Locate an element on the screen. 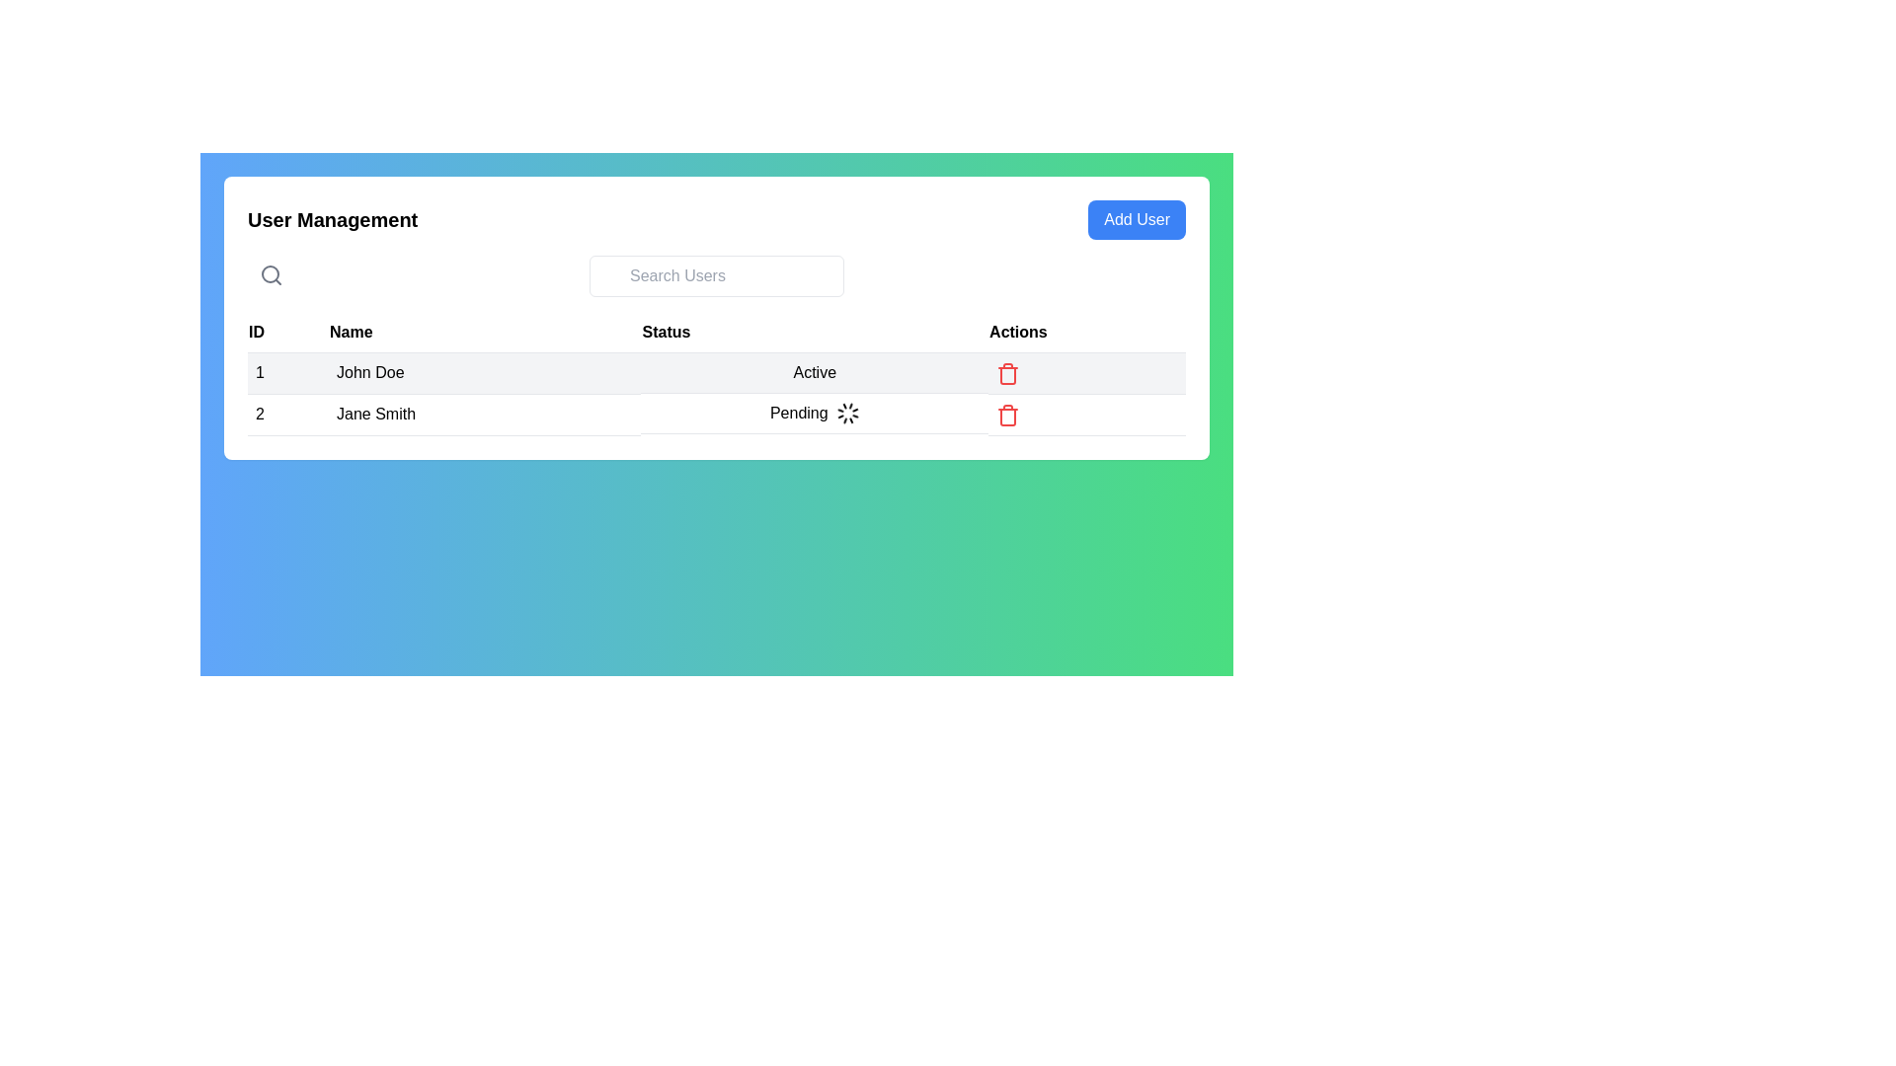 The width and height of the screenshot is (1896, 1066). to select the second row in the user table, which displays user information and interaction buttons is located at coordinates (715, 393).